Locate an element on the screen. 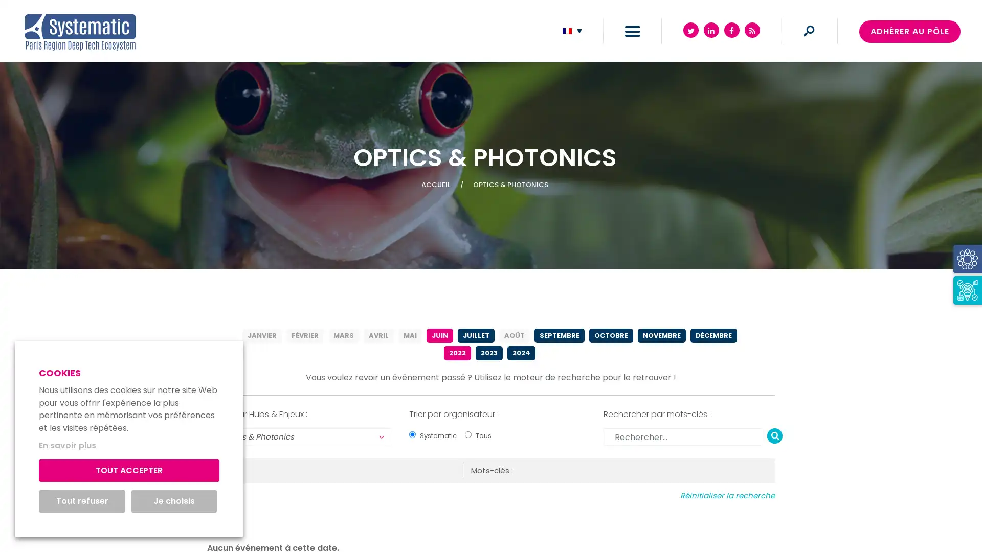 This screenshot has height=552, width=982. Je choisis is located at coordinates (174, 500).